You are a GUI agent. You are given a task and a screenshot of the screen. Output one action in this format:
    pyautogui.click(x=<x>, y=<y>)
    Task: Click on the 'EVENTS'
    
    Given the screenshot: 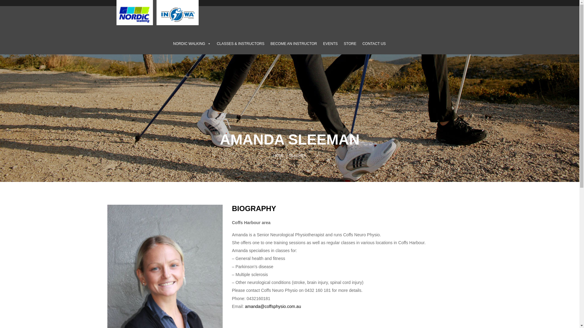 What is the action you would take?
    pyautogui.click(x=330, y=43)
    